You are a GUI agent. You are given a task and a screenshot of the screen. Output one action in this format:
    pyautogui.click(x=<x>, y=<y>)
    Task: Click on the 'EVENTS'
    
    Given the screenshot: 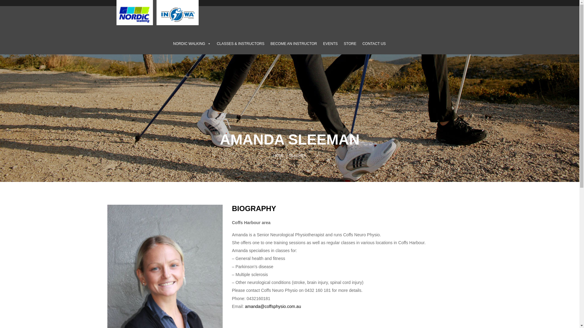 What is the action you would take?
    pyautogui.click(x=330, y=43)
    